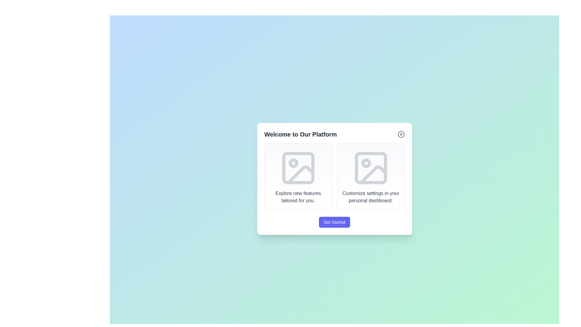 This screenshot has width=581, height=327. Describe the element at coordinates (334, 222) in the screenshot. I see `the 'Get Started' button` at that location.